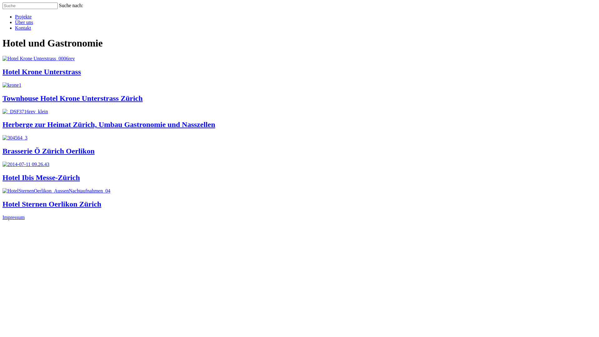 This screenshot has width=599, height=337. What do you see at coordinates (23, 27) in the screenshot?
I see `'Kontakt'` at bounding box center [23, 27].